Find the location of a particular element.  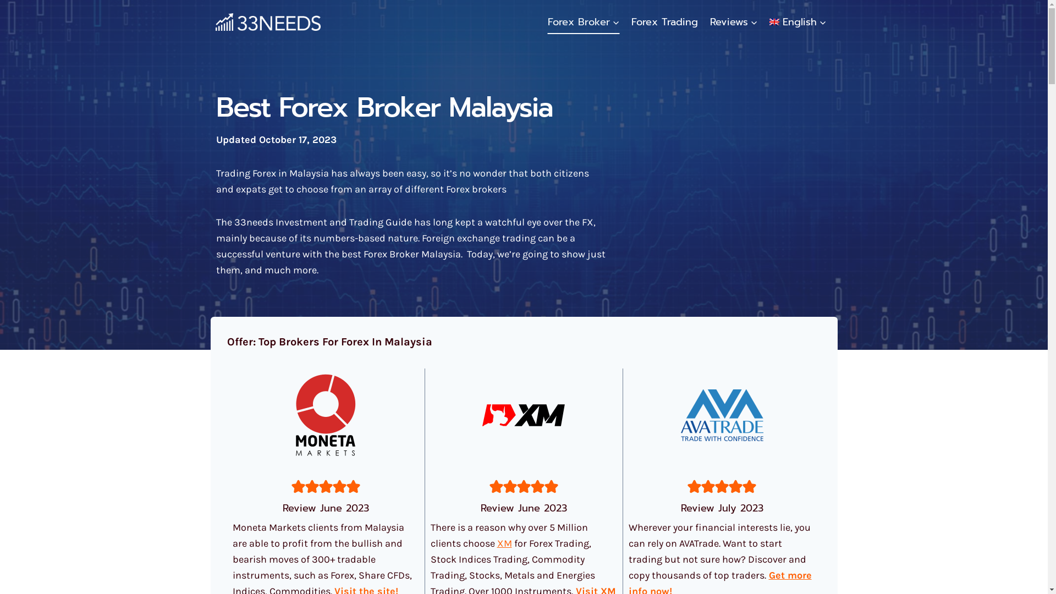

'English' is located at coordinates (763, 21).